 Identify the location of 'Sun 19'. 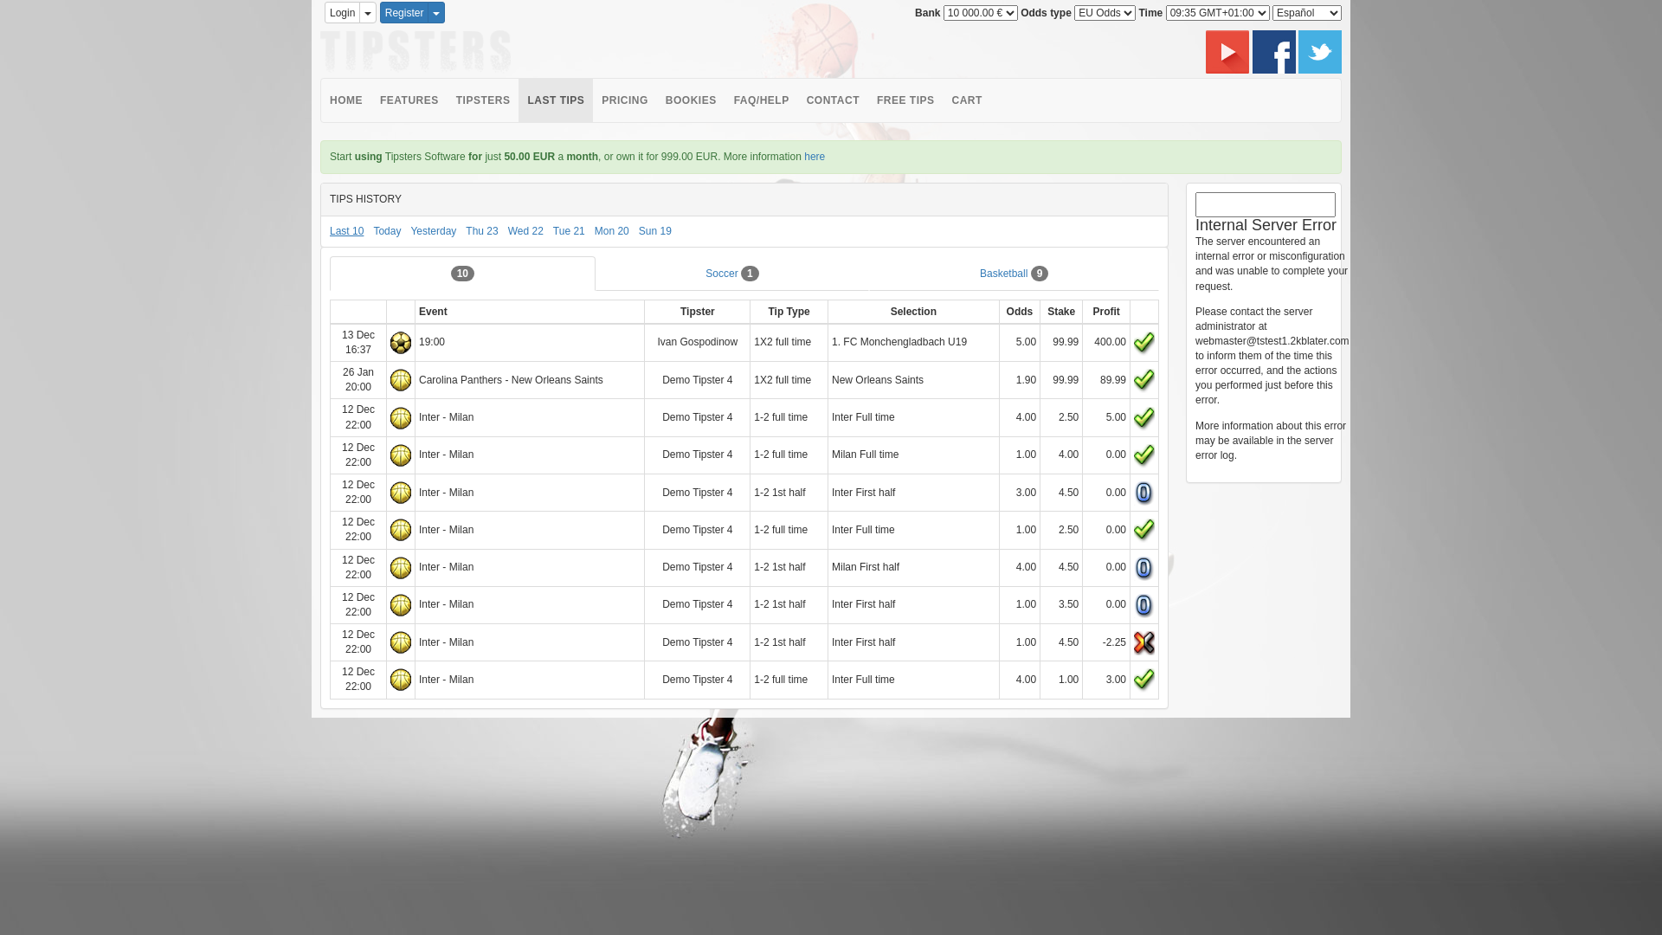
(654, 229).